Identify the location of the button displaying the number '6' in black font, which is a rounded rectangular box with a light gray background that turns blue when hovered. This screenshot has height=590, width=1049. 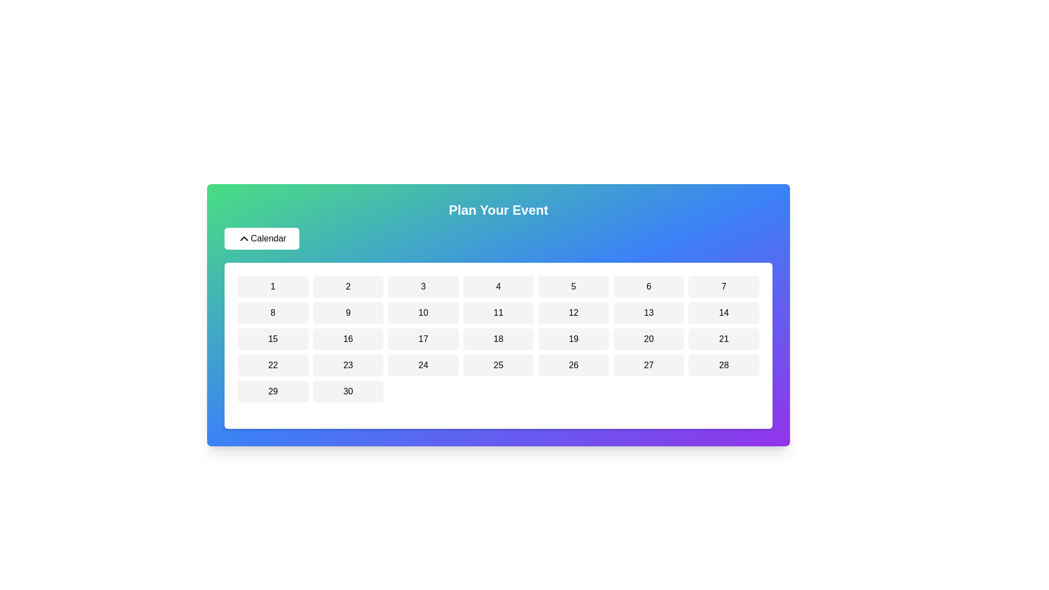
(649, 286).